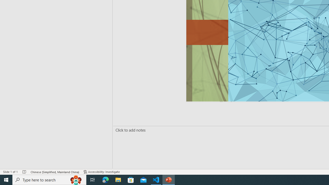 The width and height of the screenshot is (329, 185). What do you see at coordinates (92, 179) in the screenshot?
I see `'Task View'` at bounding box center [92, 179].